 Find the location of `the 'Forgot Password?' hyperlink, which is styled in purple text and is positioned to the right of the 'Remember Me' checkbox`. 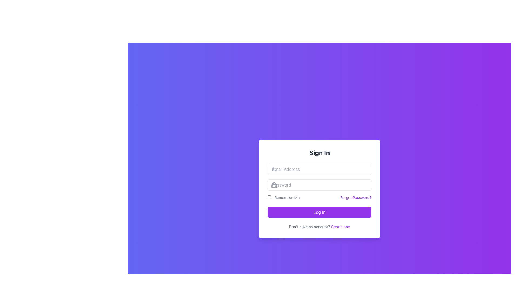

the 'Forgot Password?' hyperlink, which is styled in purple text and is positioned to the right of the 'Remember Me' checkbox is located at coordinates (356, 198).